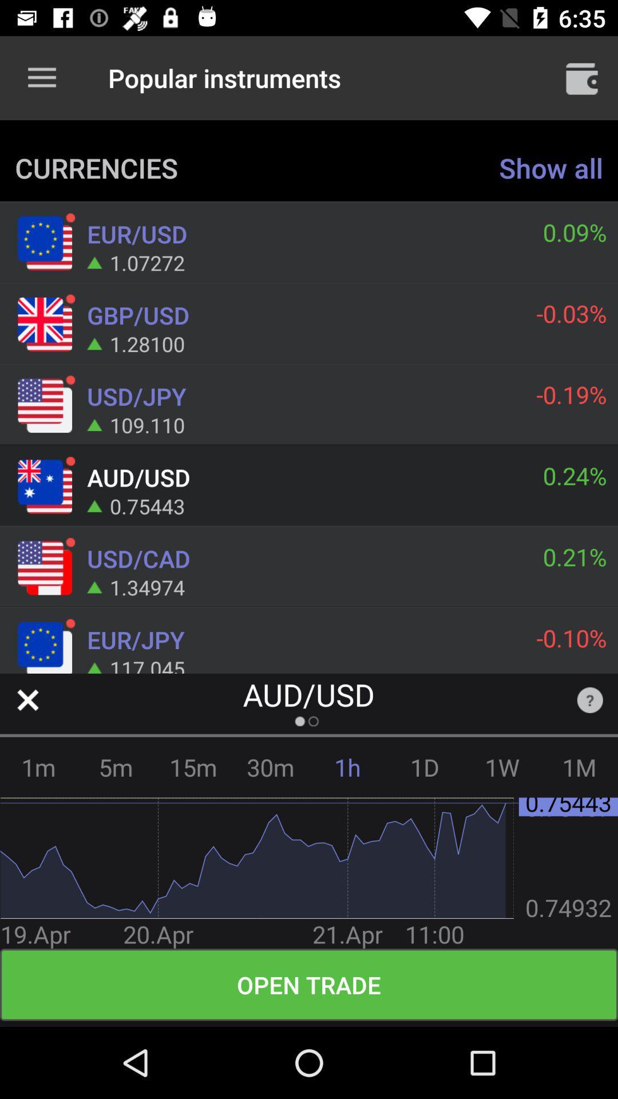 The height and width of the screenshot is (1099, 618). Describe the element at coordinates (27, 699) in the screenshot. I see `the close icon` at that location.